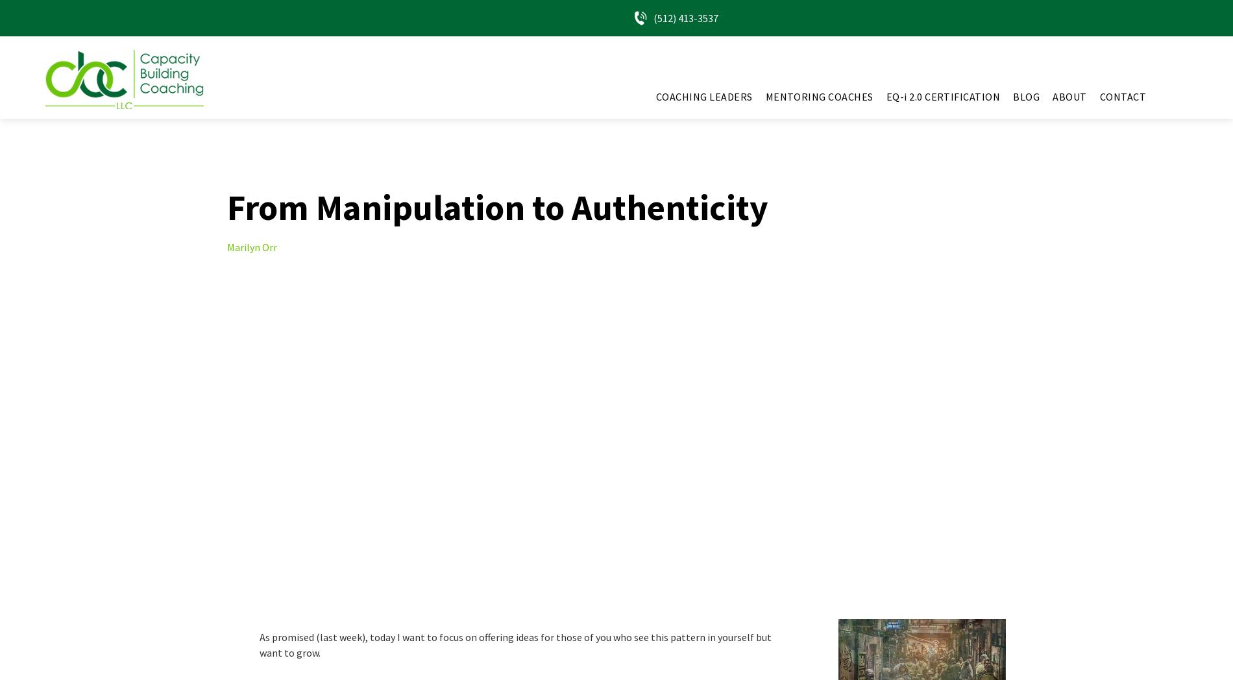 Image resolution: width=1233 pixels, height=680 pixels. I want to click on 'EQ-i 2.0  CERTIFICATION', so click(942, 97).